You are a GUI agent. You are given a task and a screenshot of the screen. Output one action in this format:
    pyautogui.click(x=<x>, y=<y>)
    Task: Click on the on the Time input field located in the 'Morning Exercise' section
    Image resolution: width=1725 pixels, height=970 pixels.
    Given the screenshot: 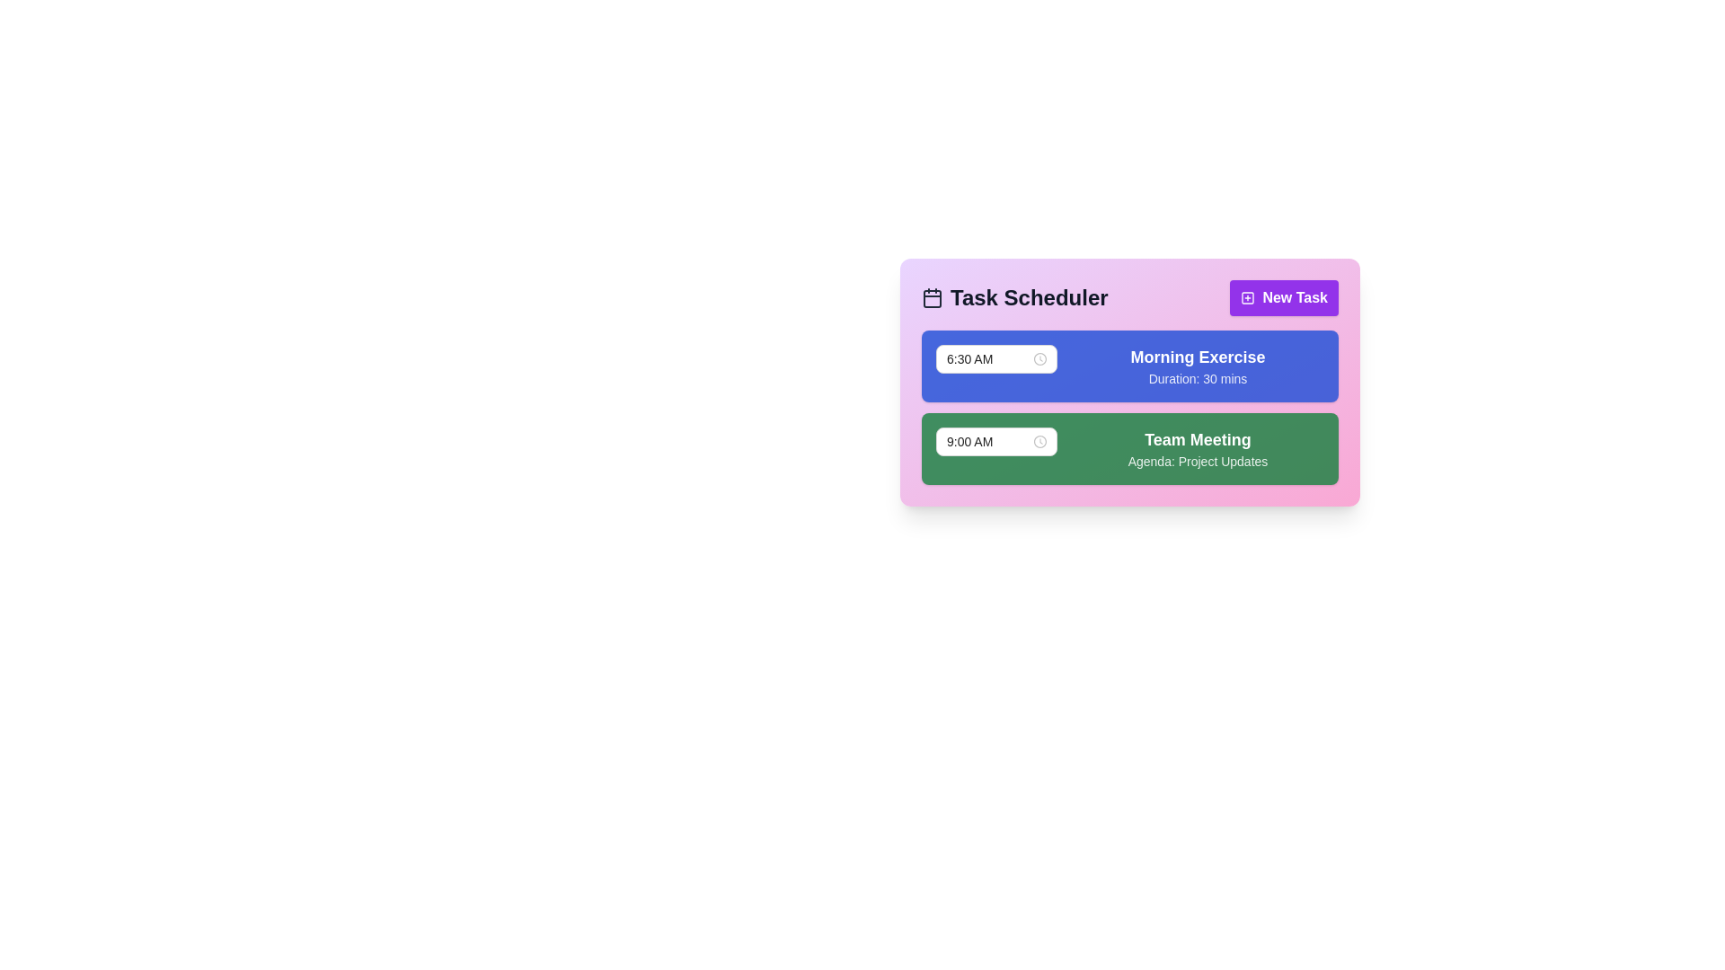 What is the action you would take?
    pyautogui.click(x=995, y=359)
    